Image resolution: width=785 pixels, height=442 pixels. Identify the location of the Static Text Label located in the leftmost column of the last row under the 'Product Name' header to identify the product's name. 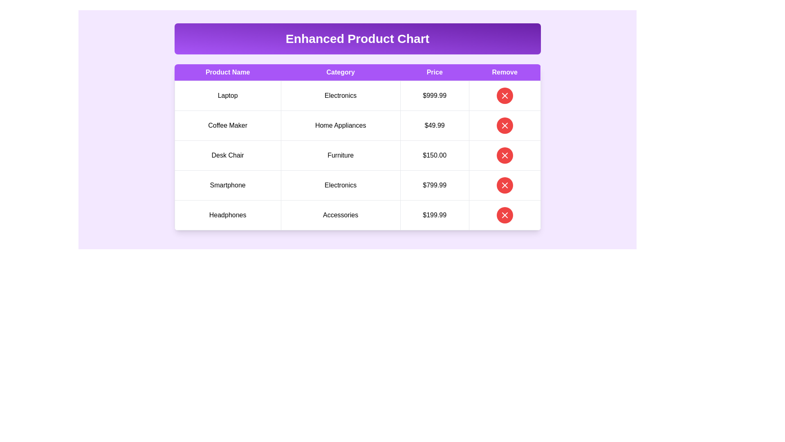
(228, 214).